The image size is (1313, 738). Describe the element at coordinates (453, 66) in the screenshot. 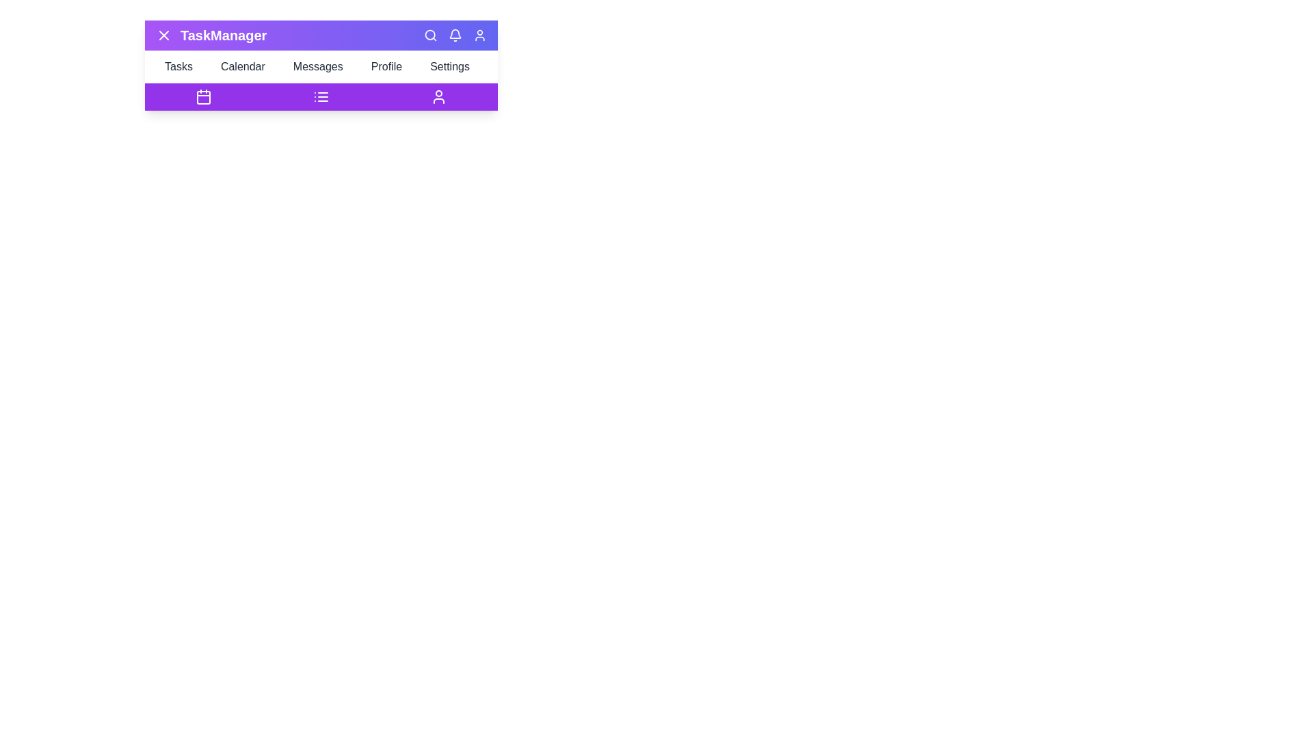

I see `the Settings from the navigation bar` at that location.